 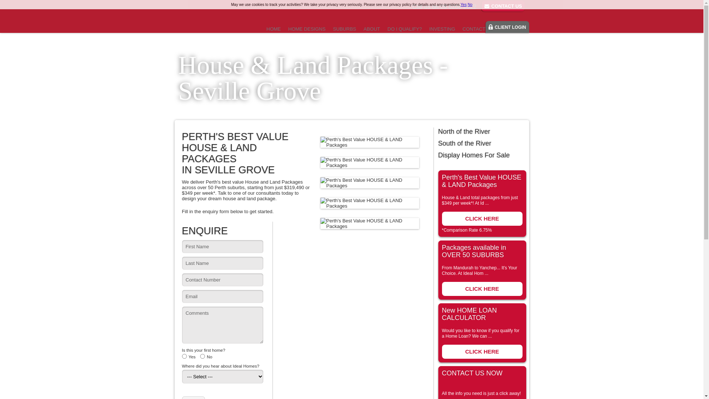 What do you see at coordinates (371, 28) in the screenshot?
I see `'ABOUT'` at bounding box center [371, 28].